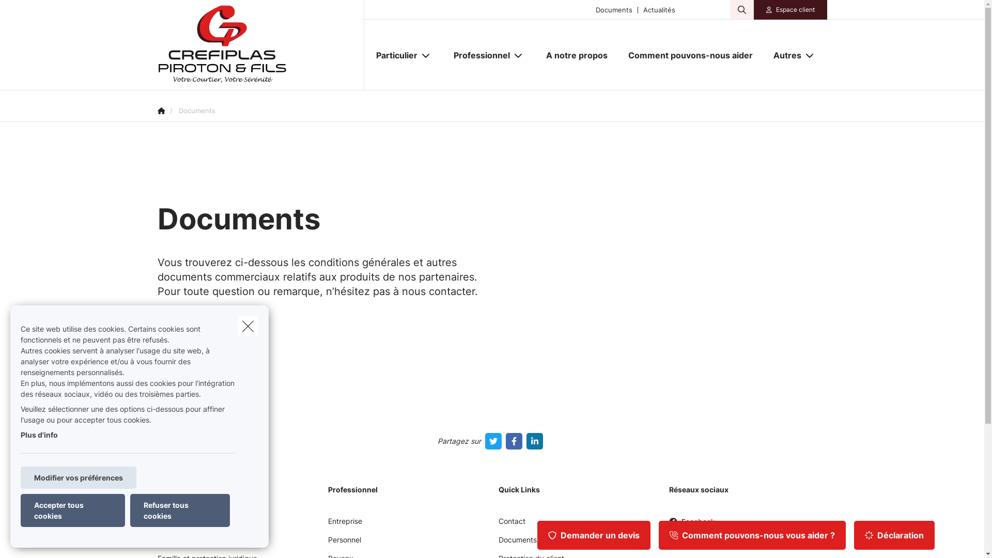 This screenshot has width=992, height=558. Describe the element at coordinates (790, 10) in the screenshot. I see `'Espace client'` at that location.